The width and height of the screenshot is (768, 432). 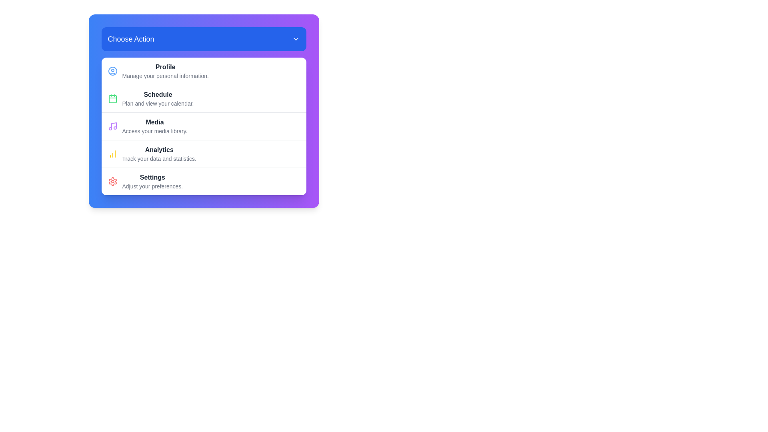 What do you see at coordinates (159, 159) in the screenshot?
I see `the static text label that reads 'Track your data and statistics.', positioned below the 'Analytics' title` at bounding box center [159, 159].